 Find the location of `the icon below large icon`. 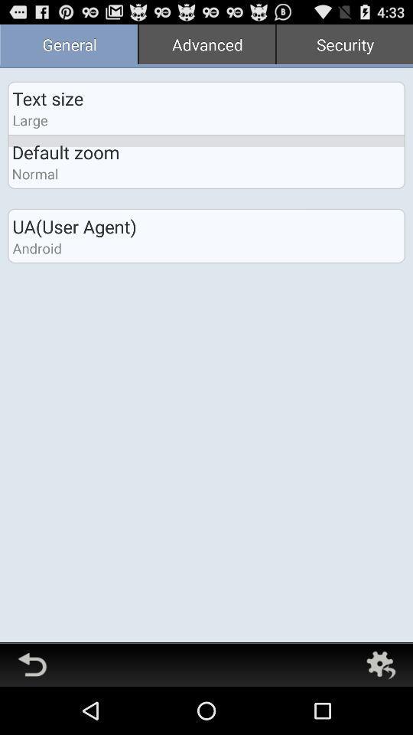

the icon below large icon is located at coordinates (65, 152).